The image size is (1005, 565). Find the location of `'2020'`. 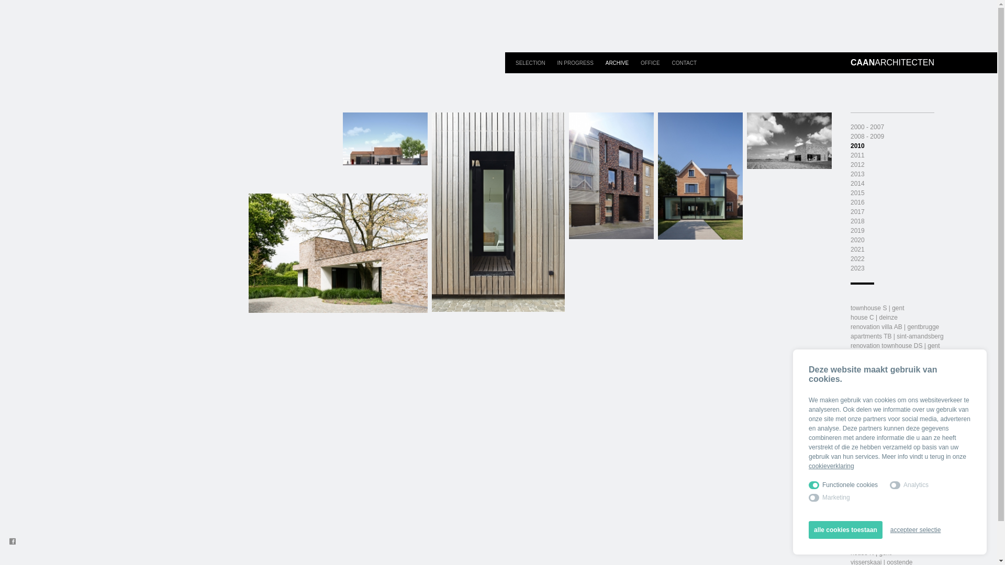

'2020' is located at coordinates (857, 240).